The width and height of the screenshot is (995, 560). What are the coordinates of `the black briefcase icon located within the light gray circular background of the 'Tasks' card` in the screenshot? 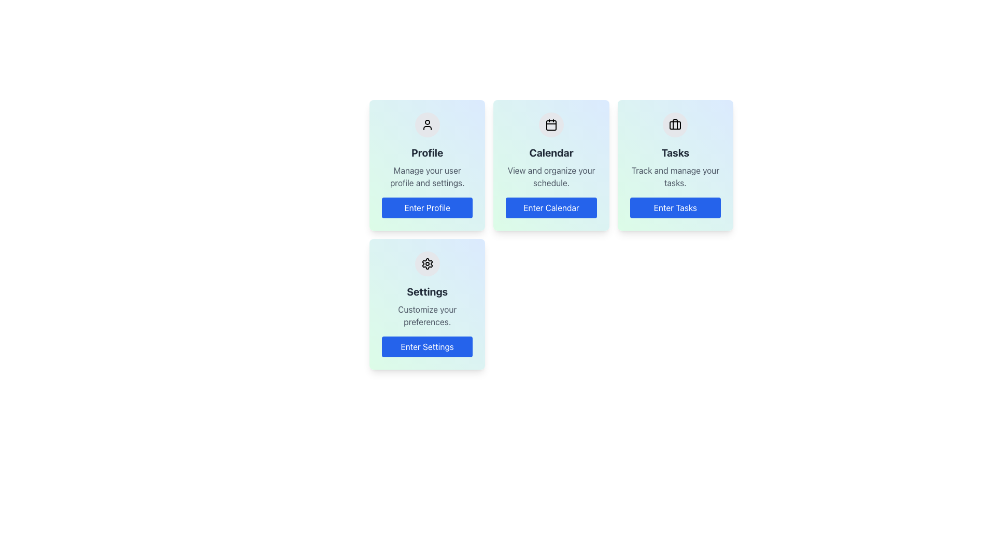 It's located at (675, 124).